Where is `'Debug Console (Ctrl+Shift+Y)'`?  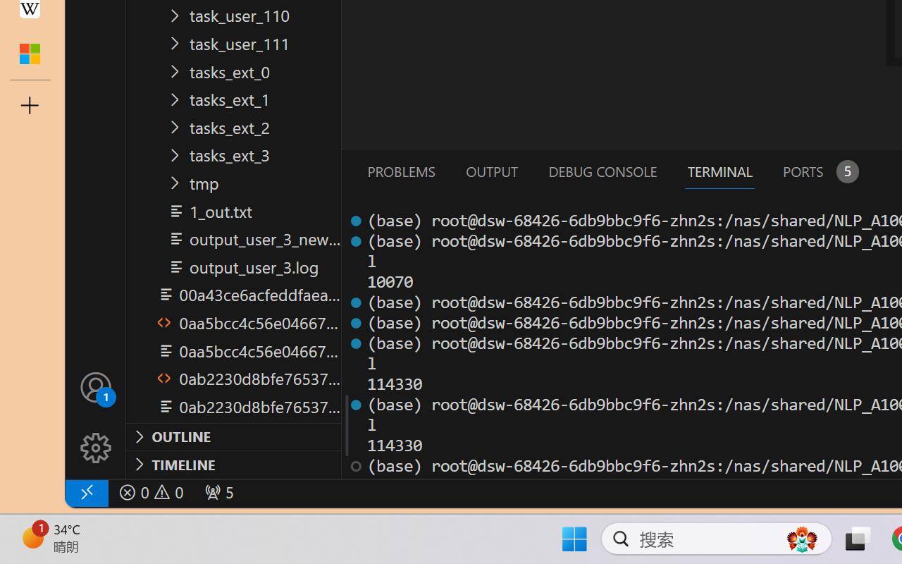
'Debug Console (Ctrl+Shift+Y)' is located at coordinates (602, 171).